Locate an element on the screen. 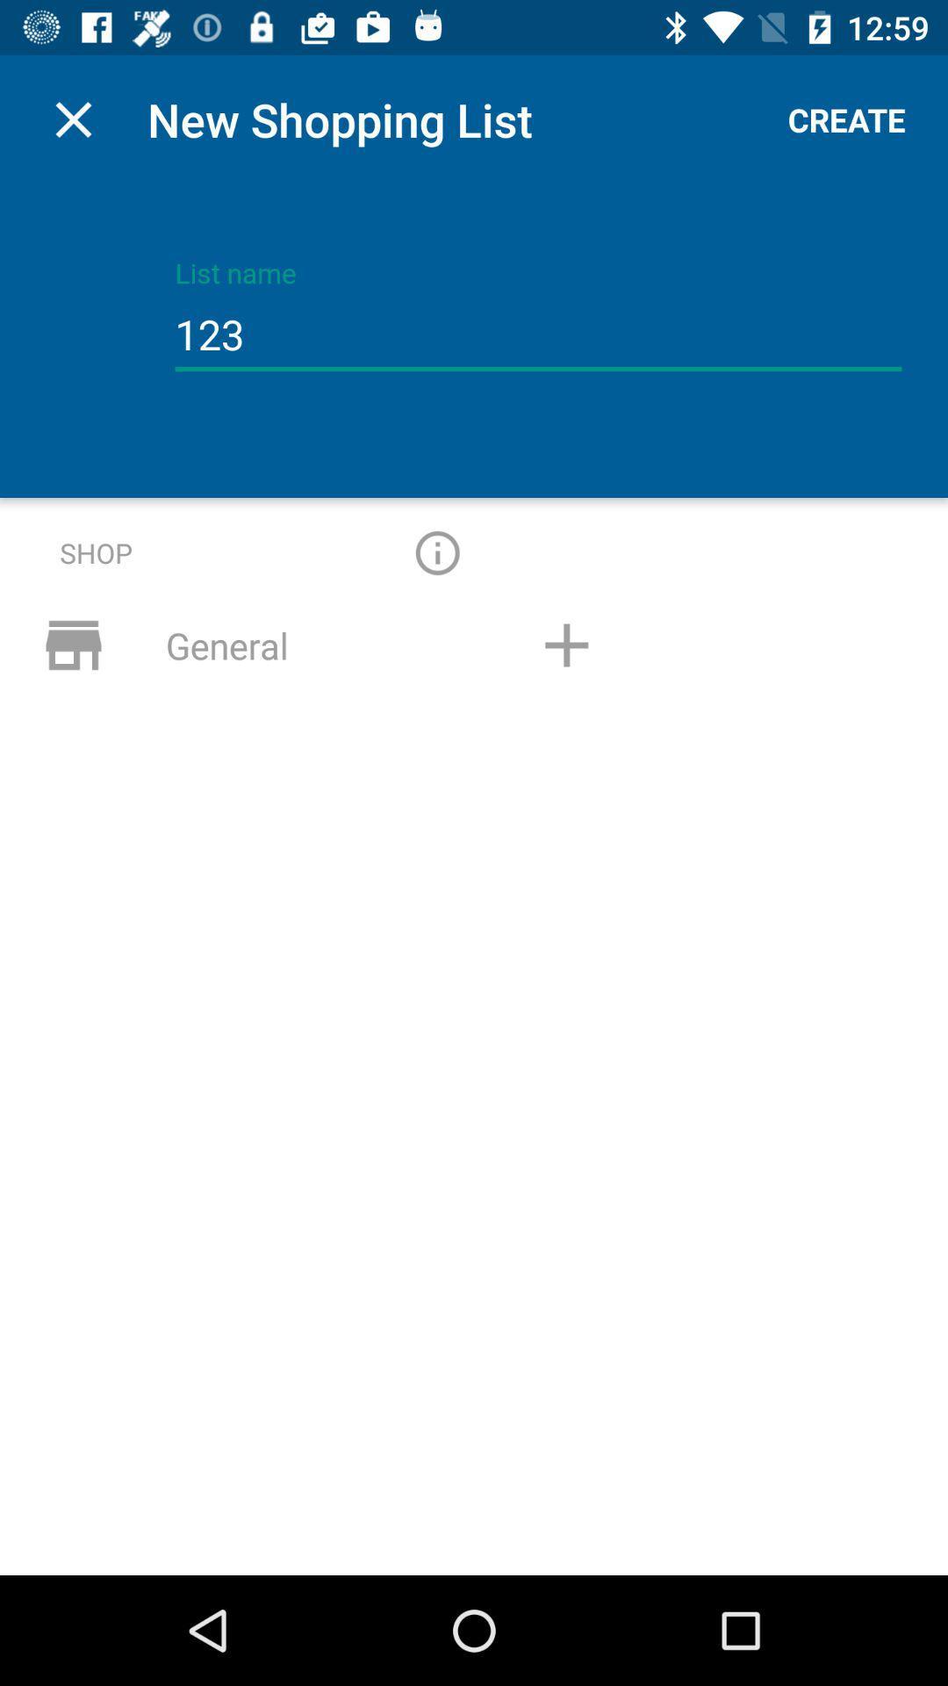 The width and height of the screenshot is (948, 1686). exit current screen is located at coordinates (73, 119).